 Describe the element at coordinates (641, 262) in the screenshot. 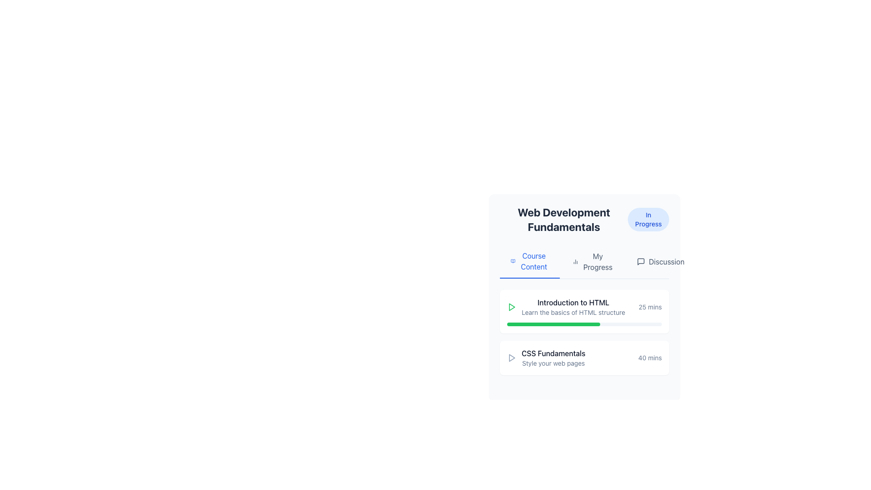

I see `the SVG-based graphical icon representing a speech bubble or chat, located at the top-right corner of the interface` at that location.